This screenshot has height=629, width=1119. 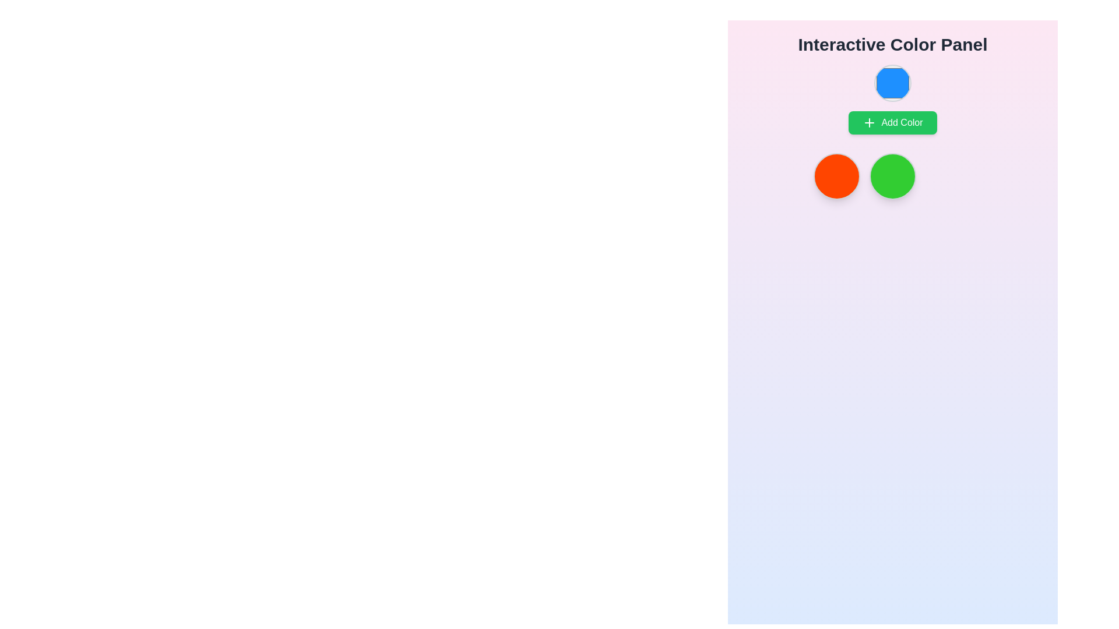 I want to click on the green color indicator circle located to the right of the orange circle within the color selection panel, so click(x=892, y=176).